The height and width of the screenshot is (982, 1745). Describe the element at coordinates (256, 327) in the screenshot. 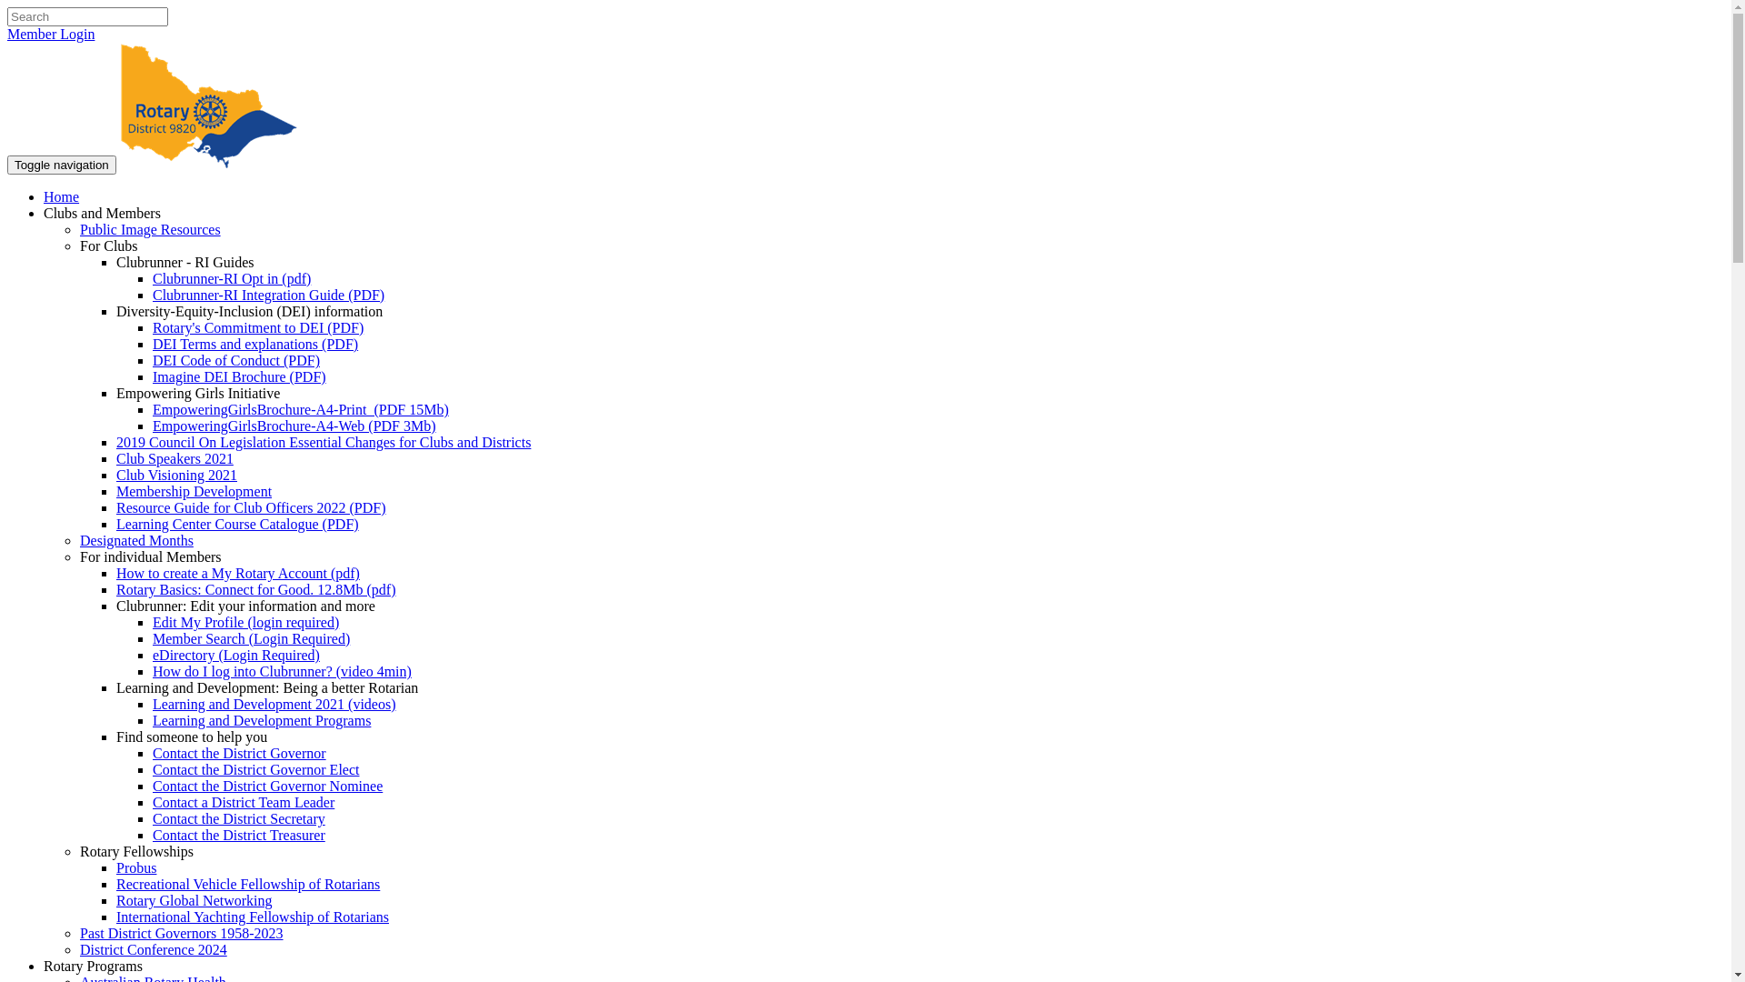

I see `'Rotary's Commitment to DEI (PDF)'` at that location.